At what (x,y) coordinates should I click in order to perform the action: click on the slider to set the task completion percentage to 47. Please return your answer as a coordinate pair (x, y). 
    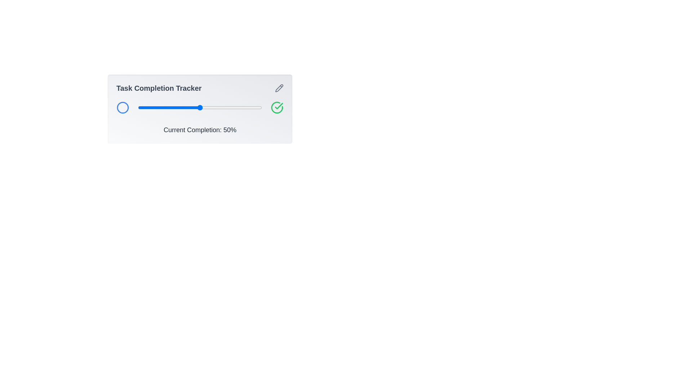
    Looking at the image, I should click on (196, 108).